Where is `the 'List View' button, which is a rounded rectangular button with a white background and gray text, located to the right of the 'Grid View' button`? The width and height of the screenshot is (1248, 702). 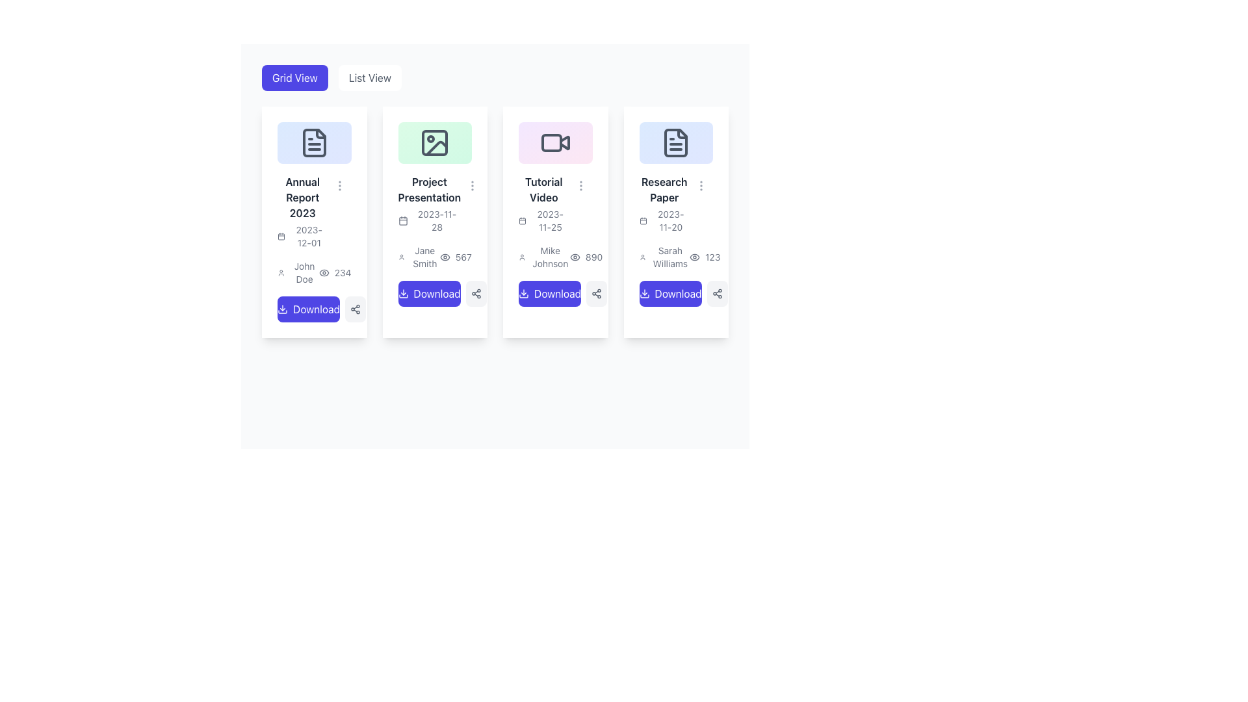
the 'List View' button, which is a rounded rectangular button with a white background and gray text, located to the right of the 'Grid View' button is located at coordinates (369, 77).